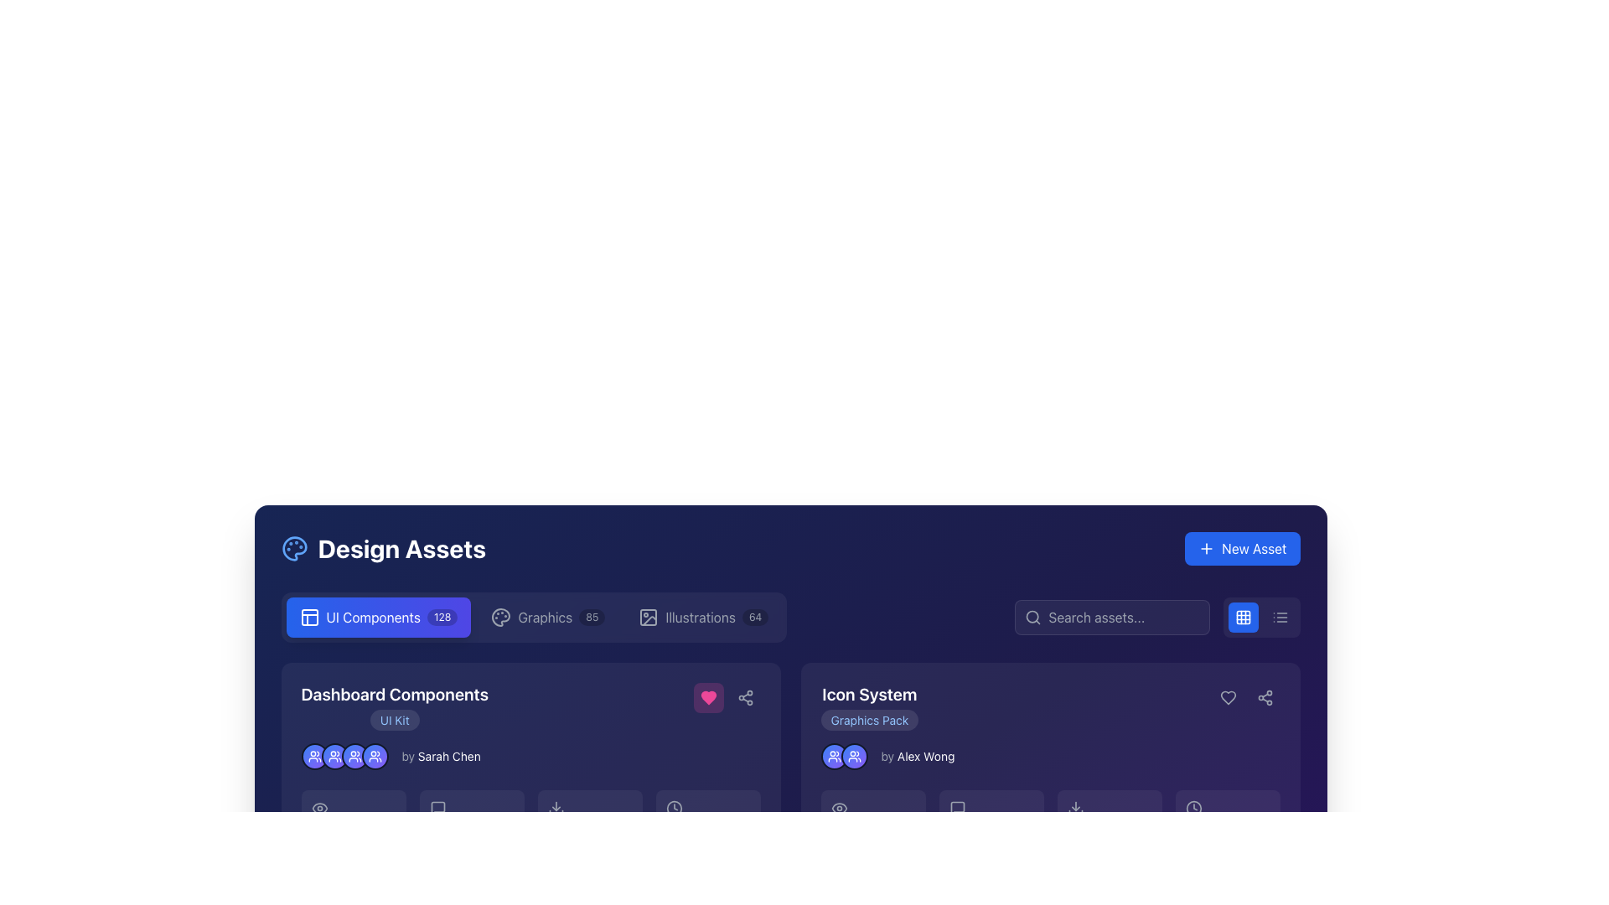 This screenshot has width=1609, height=905. Describe the element at coordinates (314, 756) in the screenshot. I see `the user-related SVG icon with white strokes and a circular gradient background` at that location.